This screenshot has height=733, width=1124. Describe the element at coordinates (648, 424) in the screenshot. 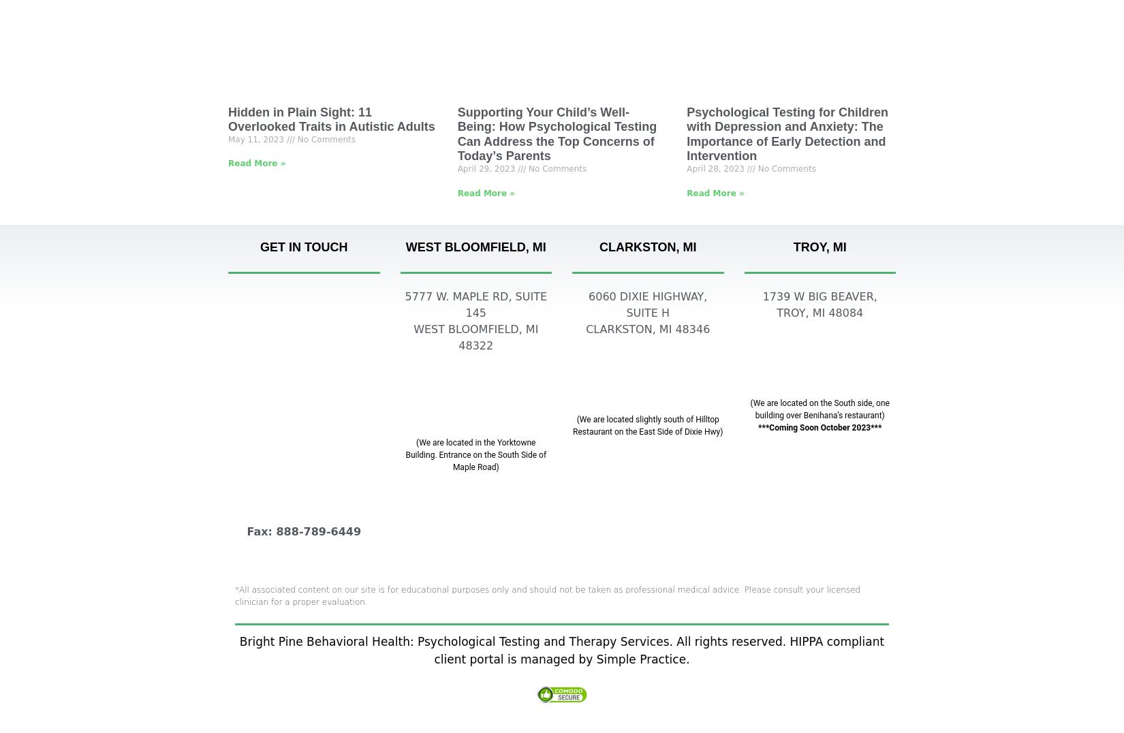

I see `'(We are located slightly south of Hilltop Restaurant on the East Side of Dixie Hwy)'` at that location.